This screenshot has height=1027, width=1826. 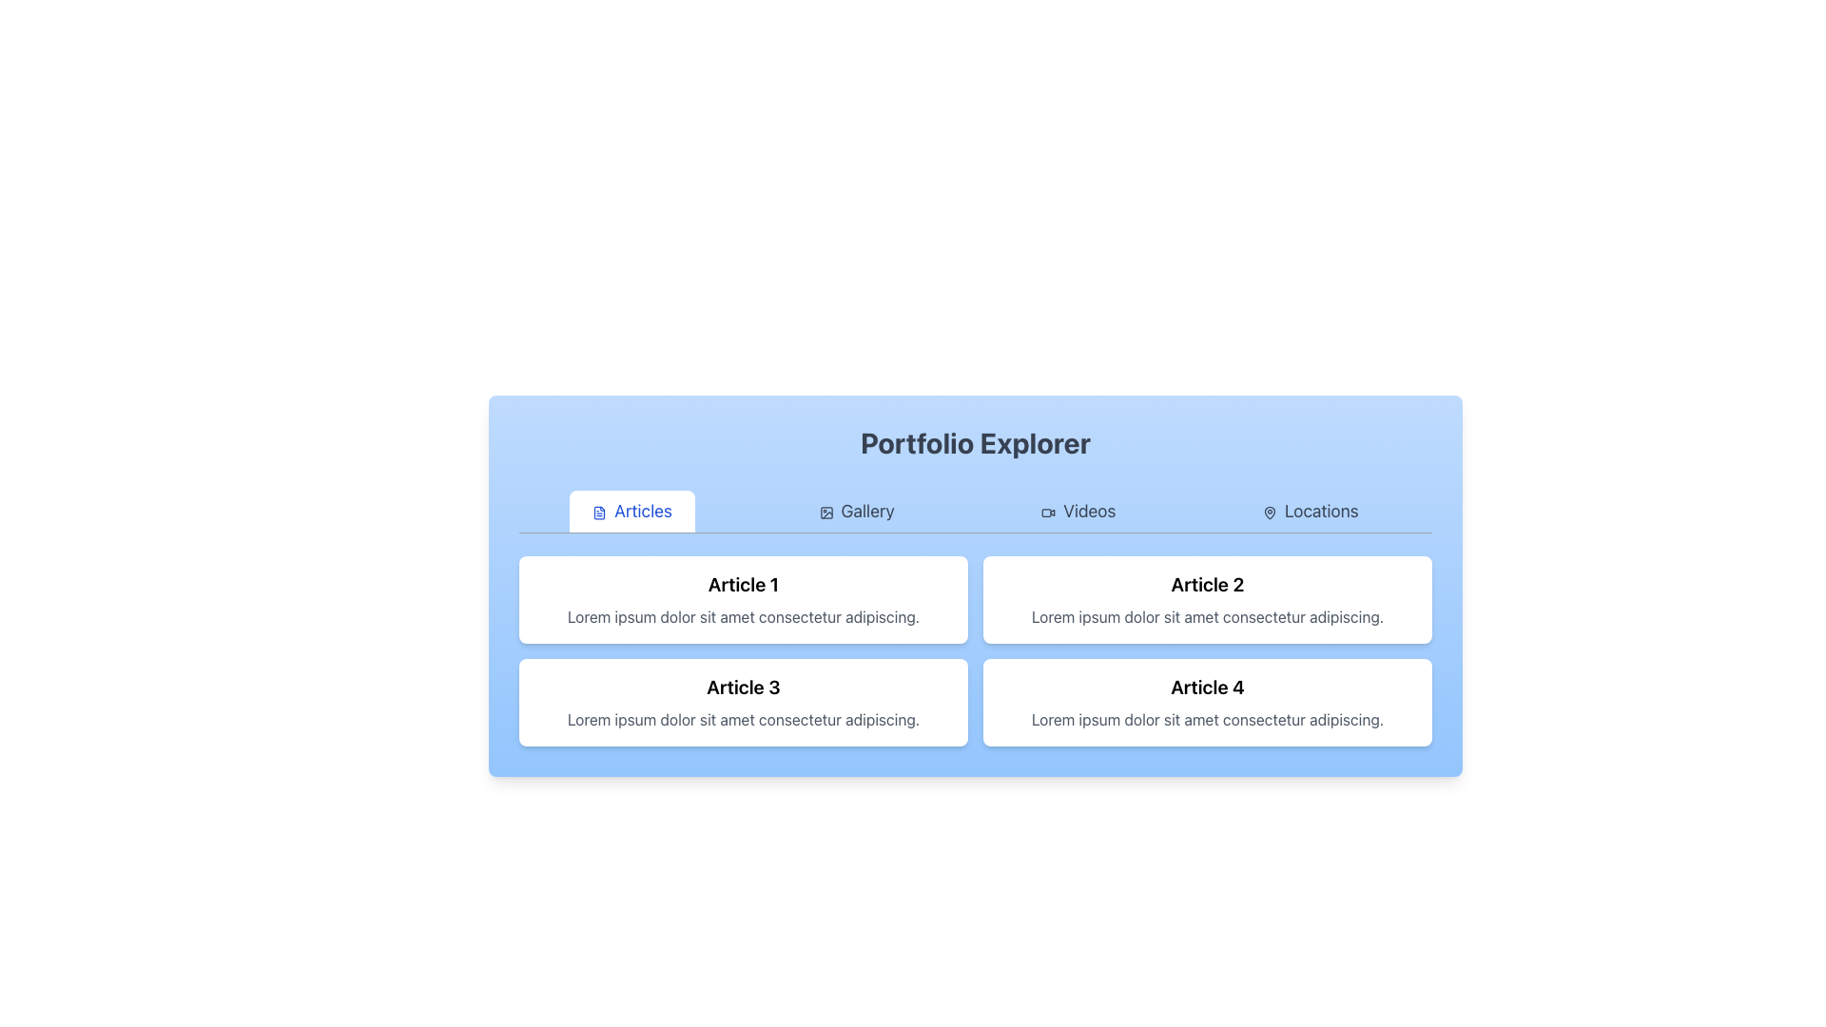 What do you see at coordinates (826, 512) in the screenshot?
I see `the icon element resembling an image symbol in the 'Gallery' tab` at bounding box center [826, 512].